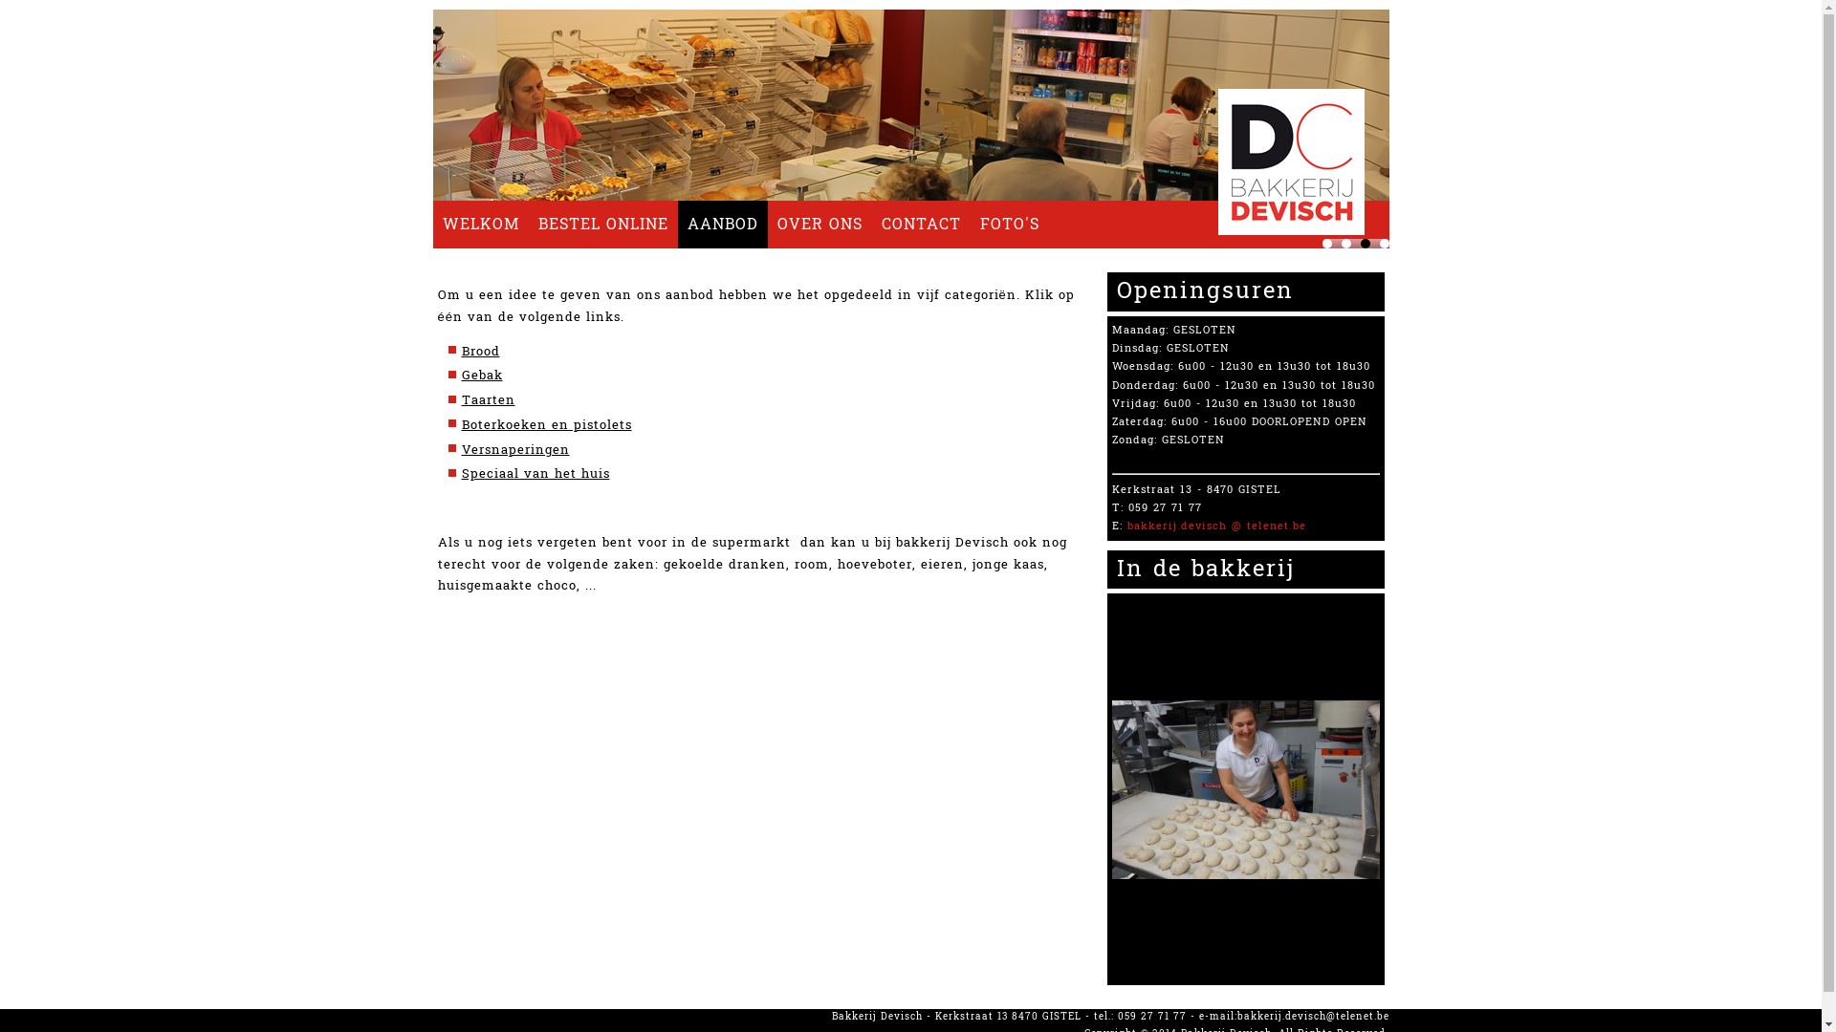 The height and width of the screenshot is (1032, 1836). What do you see at coordinates (460, 376) in the screenshot?
I see `'Gebak'` at bounding box center [460, 376].